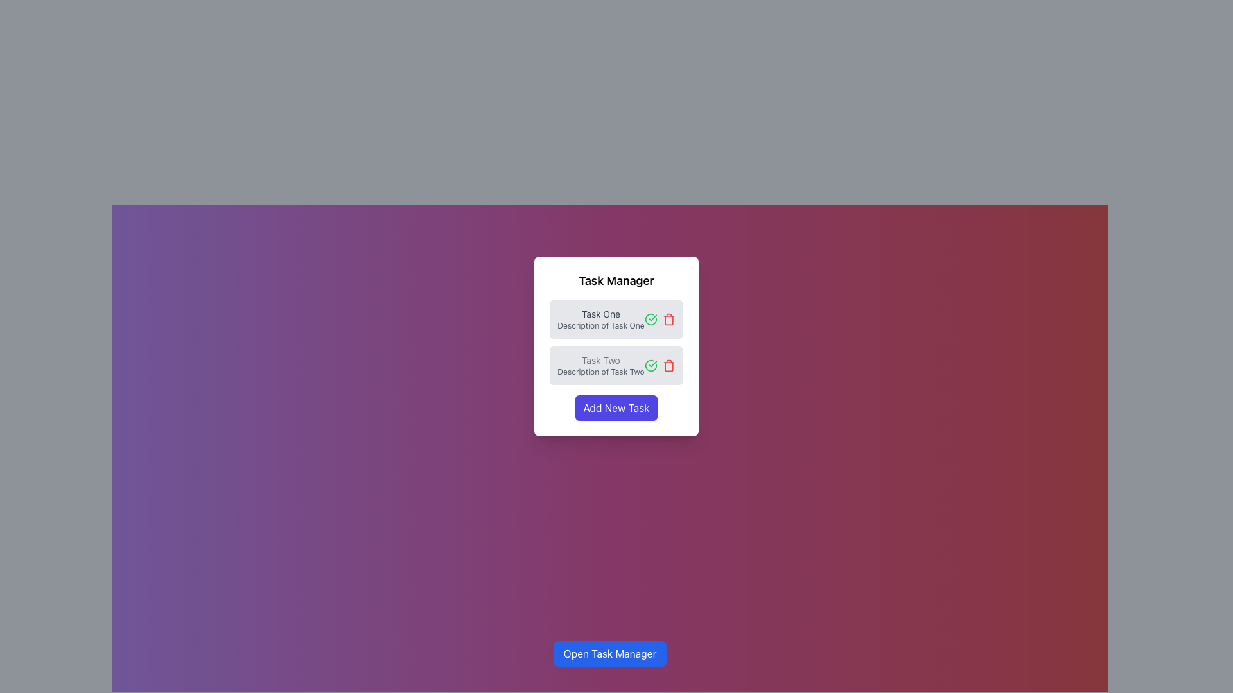 The width and height of the screenshot is (1233, 693). I want to click on on the status indicator icon for 'Task One' in the 'Task Manager' modal, so click(651, 318).